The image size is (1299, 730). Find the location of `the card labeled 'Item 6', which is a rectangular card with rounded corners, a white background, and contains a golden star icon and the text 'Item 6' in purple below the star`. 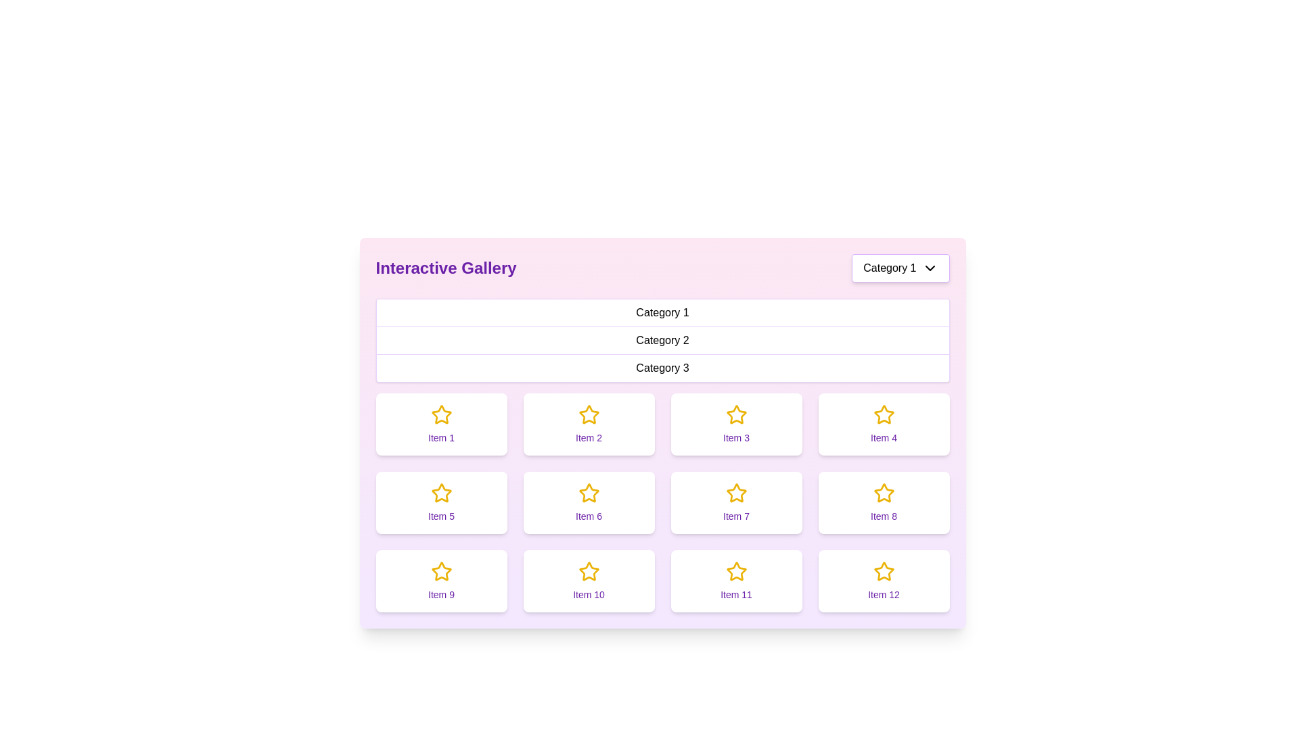

the card labeled 'Item 6', which is a rectangular card with rounded corners, a white background, and contains a golden star icon and the text 'Item 6' in purple below the star is located at coordinates (589, 503).